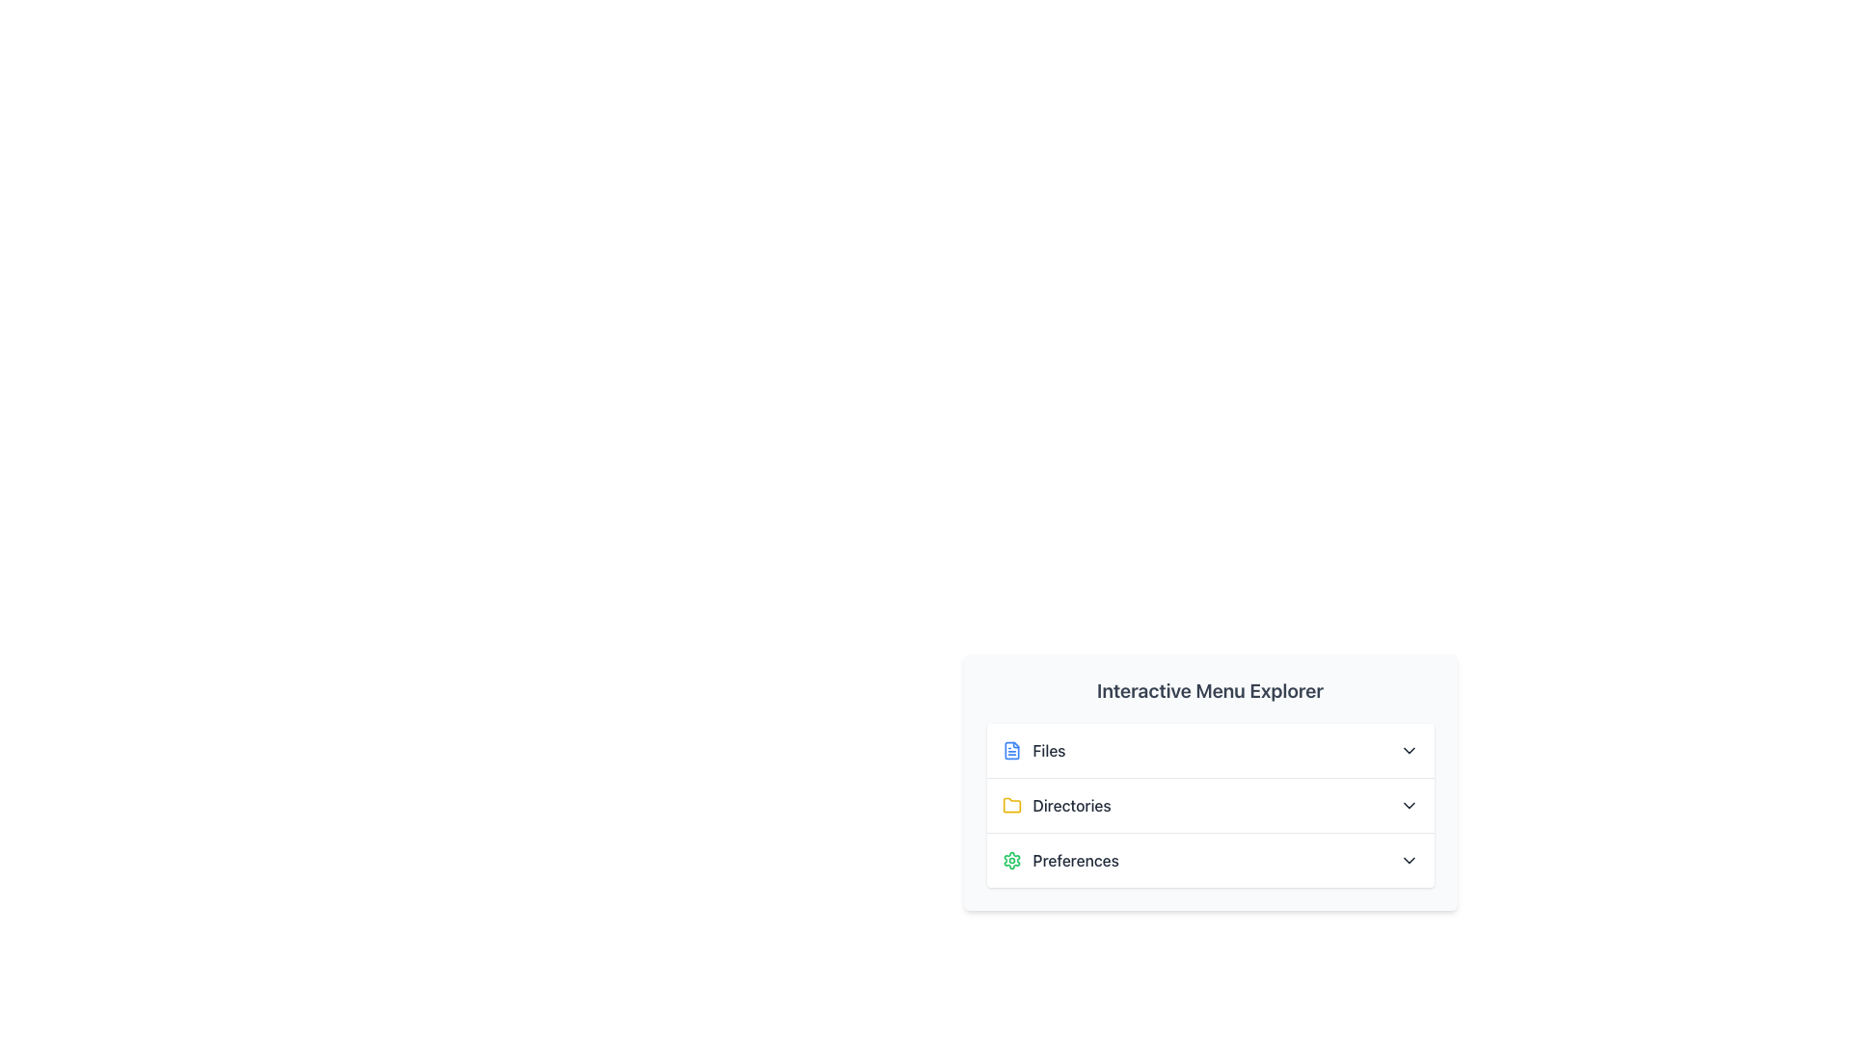 This screenshot has height=1041, width=1851. I want to click on the 'Preferences' menu item, which is represented by a green gear icon and is located in the third row of the menu panel, just below the 'Directories' entry, so click(1059, 860).